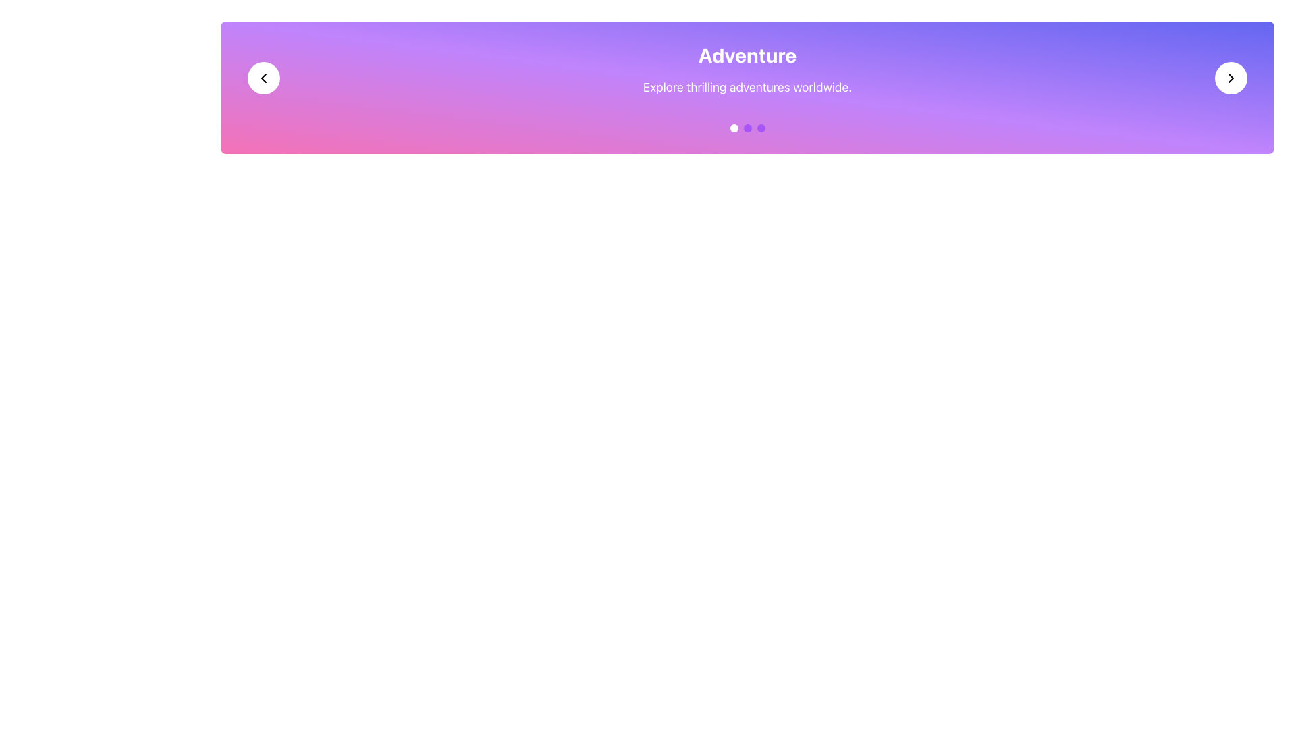  What do you see at coordinates (1231, 78) in the screenshot?
I see `the navigation icon button located at the right end of the banner component, which is contained within a white circular background` at bounding box center [1231, 78].